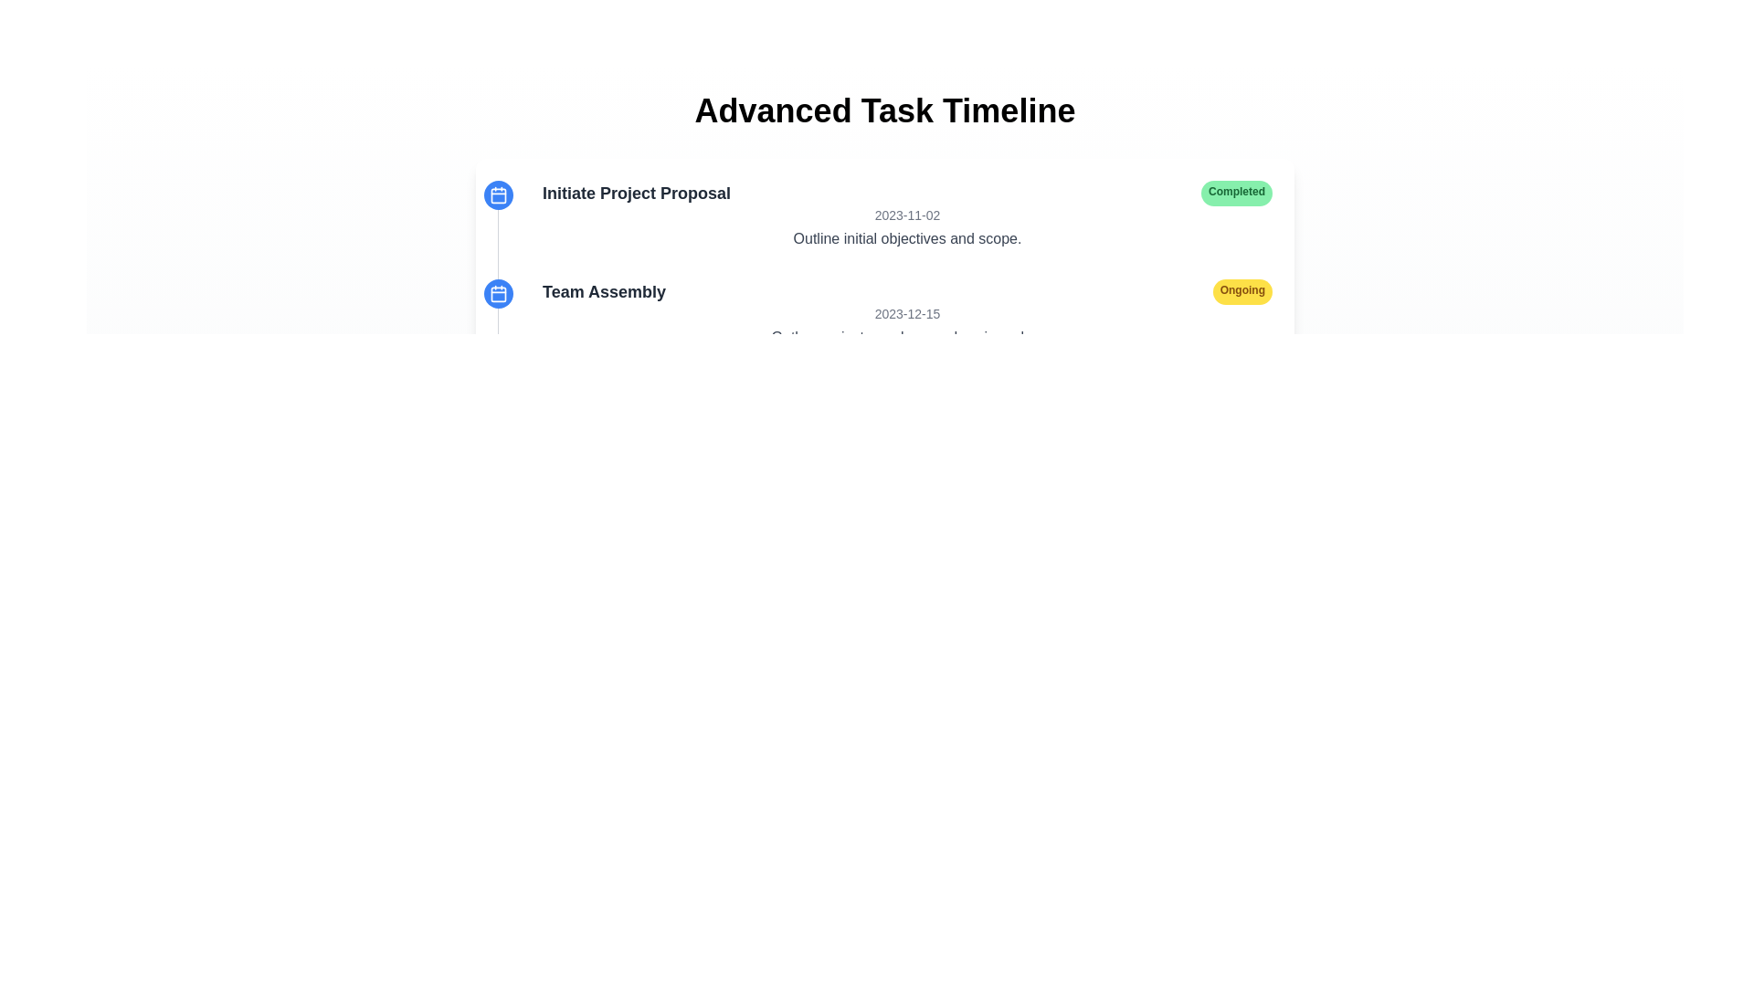  I want to click on the text label displaying '2023-12-15' located below the 'Team Assembly' title in the timeline interface, so click(907, 312).